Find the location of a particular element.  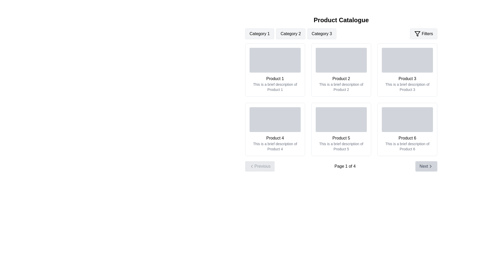

the inner structure of the filter icon, which is a triangular and vertical line shape located within the filter button at the top-right corner of the layout is located at coordinates (417, 34).